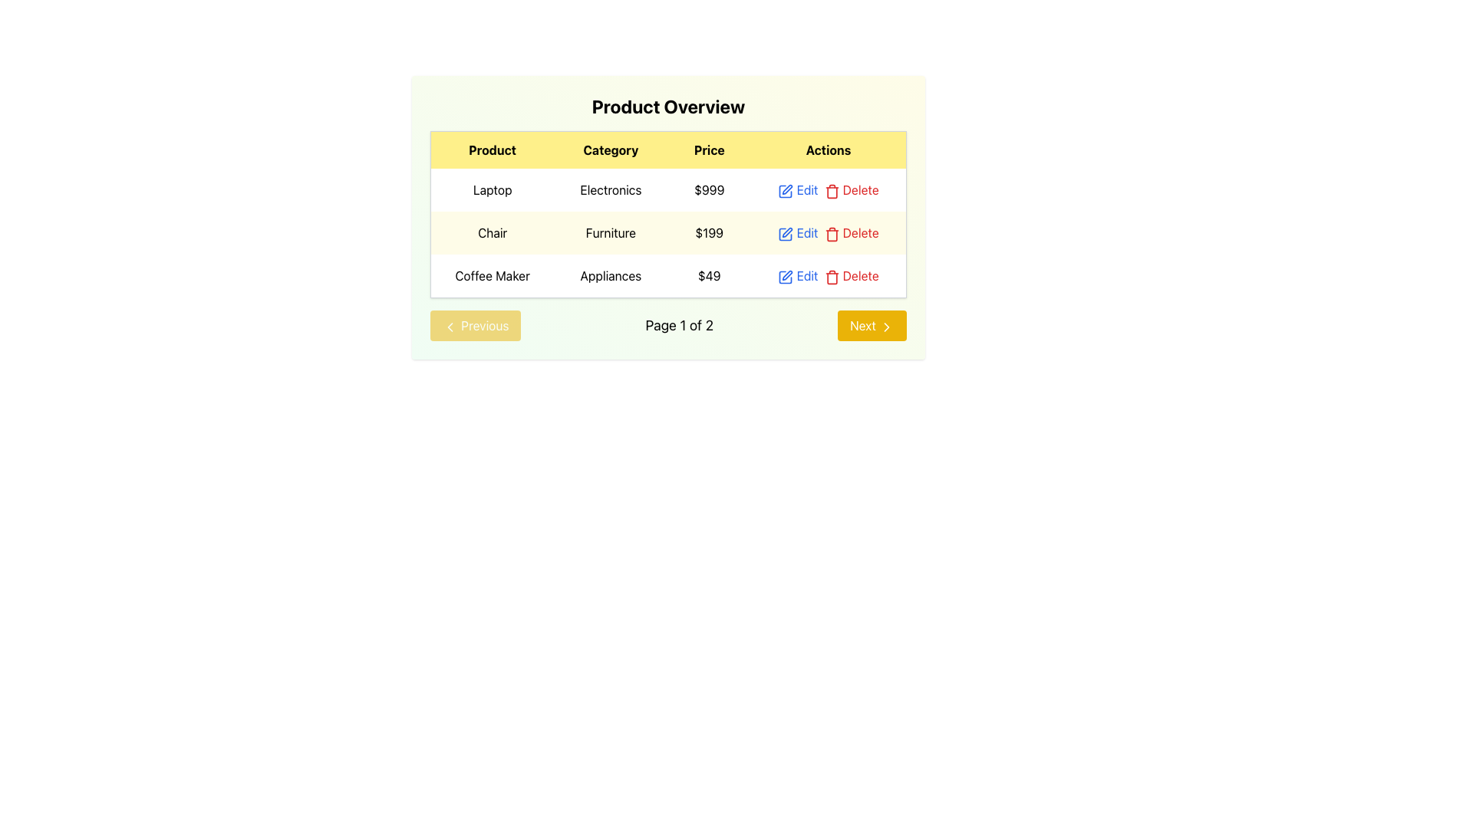 The height and width of the screenshot is (828, 1473). Describe the element at coordinates (788, 232) in the screenshot. I see `the edit icon, which resembles a square outline with a pen overlay, located in the 'Actions' column of the second row in the table for the item 'Chair'` at that location.